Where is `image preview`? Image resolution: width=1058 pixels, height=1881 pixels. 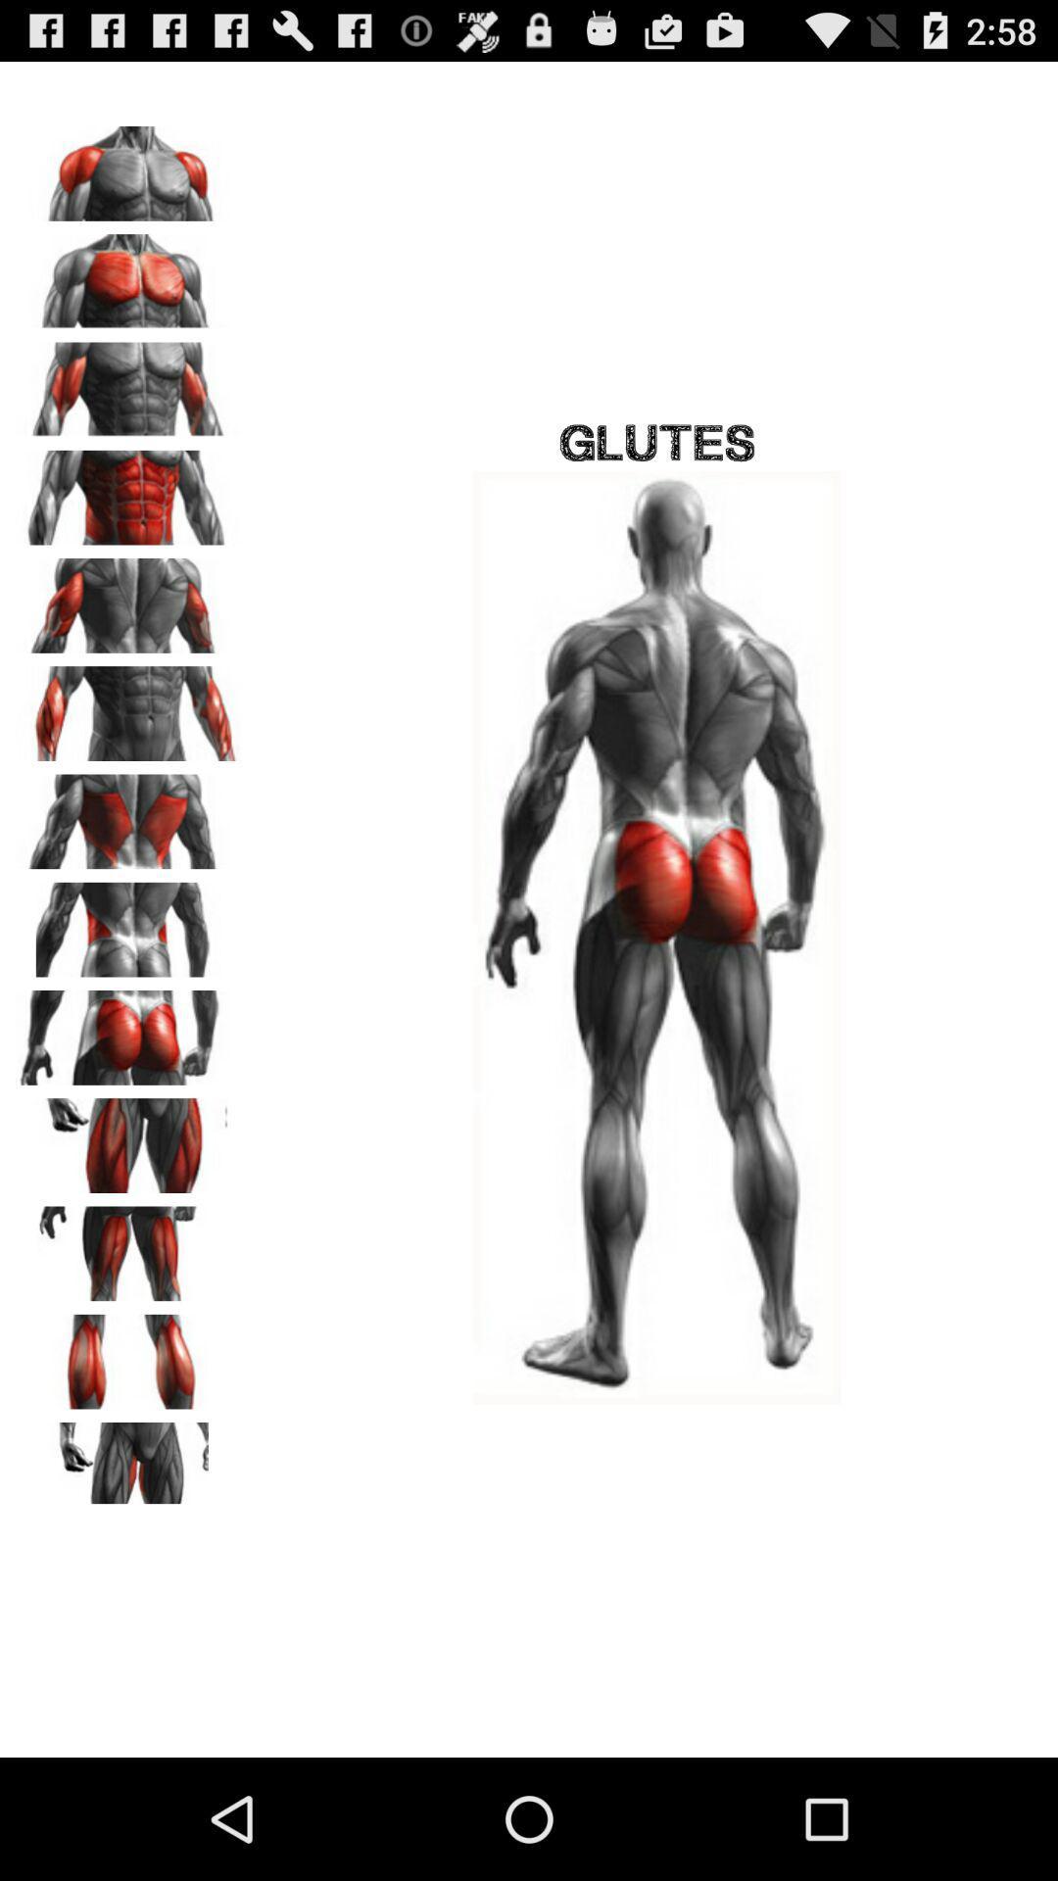 image preview is located at coordinates (128, 1463).